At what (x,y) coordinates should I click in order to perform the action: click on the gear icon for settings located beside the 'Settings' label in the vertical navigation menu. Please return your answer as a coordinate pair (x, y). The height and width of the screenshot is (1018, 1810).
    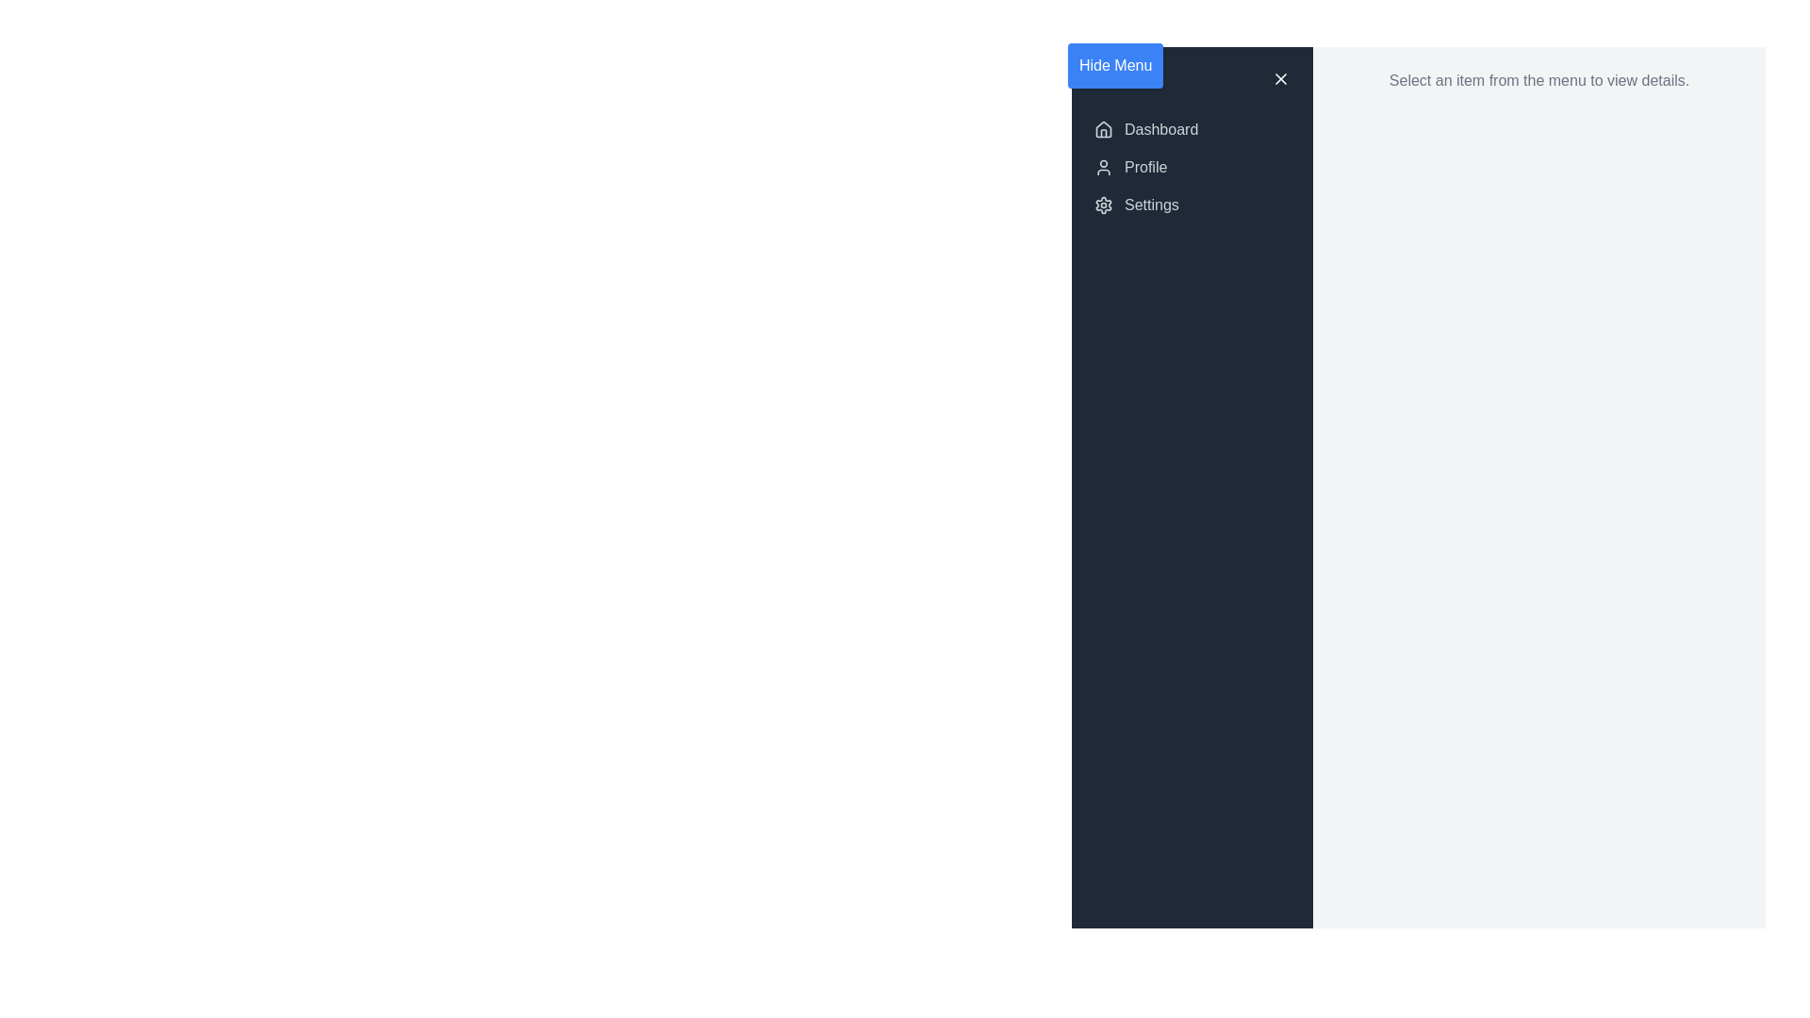
    Looking at the image, I should click on (1104, 205).